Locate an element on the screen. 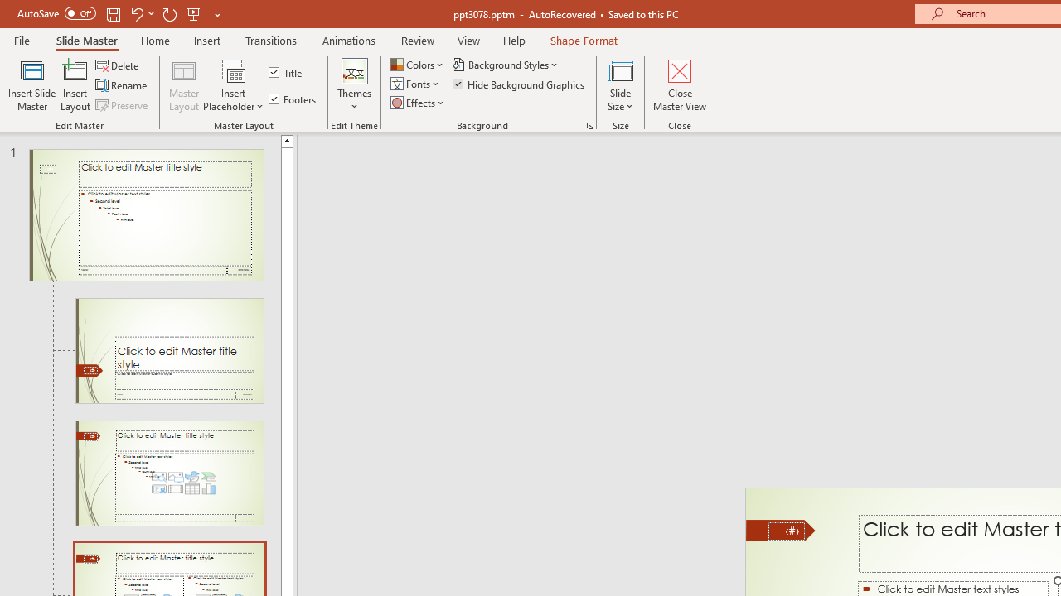 This screenshot has width=1061, height=596. 'Fonts' is located at coordinates (417, 84).